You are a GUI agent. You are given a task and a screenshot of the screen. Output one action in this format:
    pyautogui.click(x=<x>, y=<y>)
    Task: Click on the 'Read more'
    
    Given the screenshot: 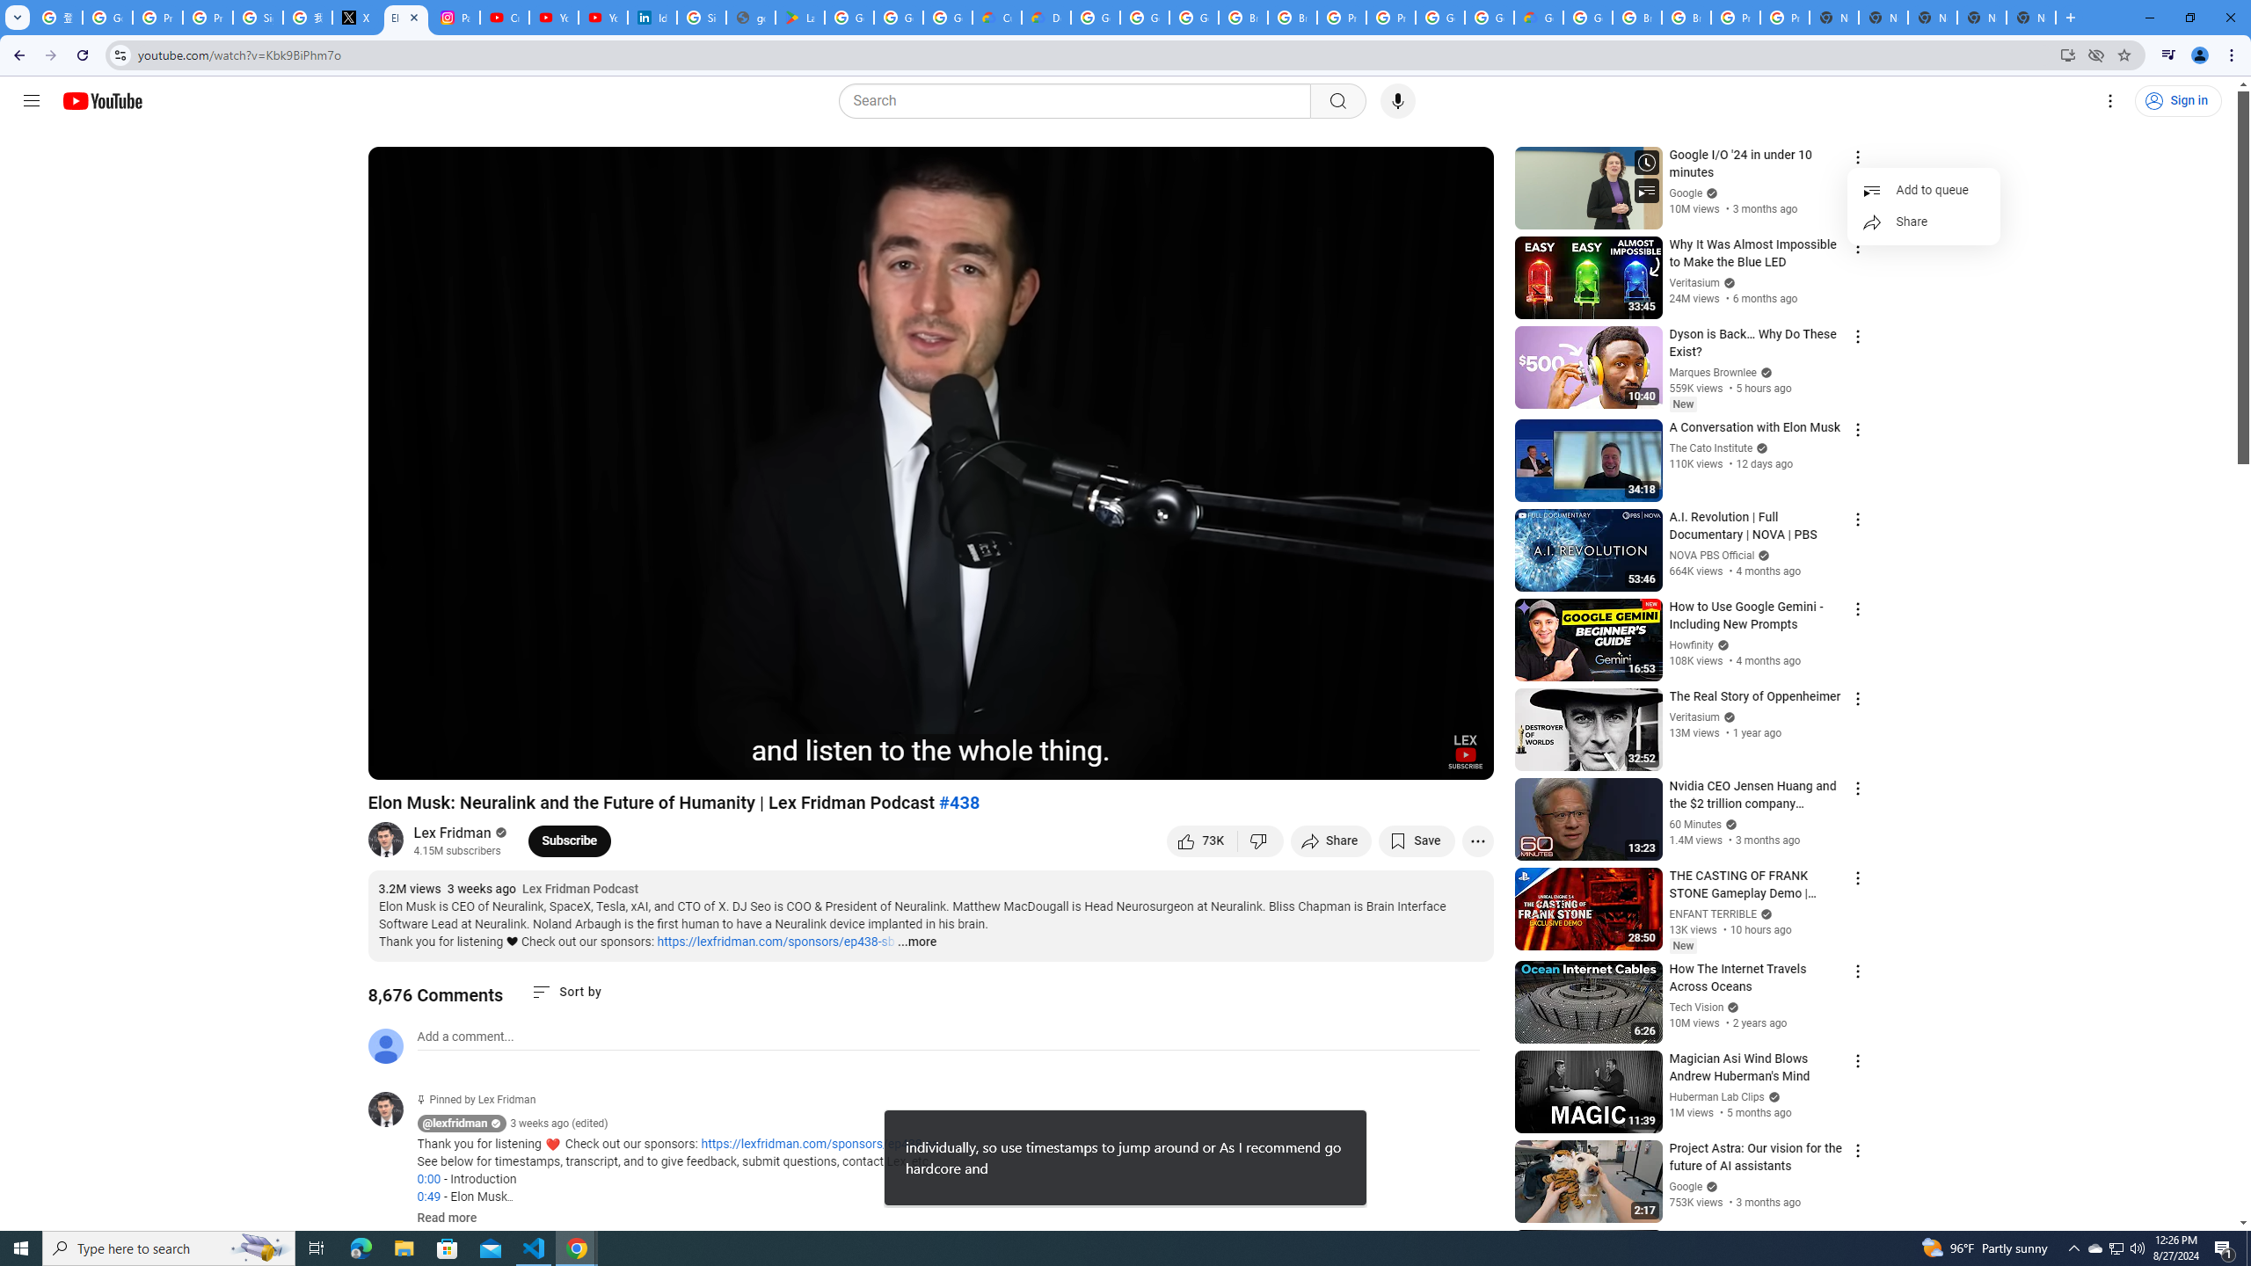 What is the action you would take?
    pyautogui.click(x=446, y=1219)
    